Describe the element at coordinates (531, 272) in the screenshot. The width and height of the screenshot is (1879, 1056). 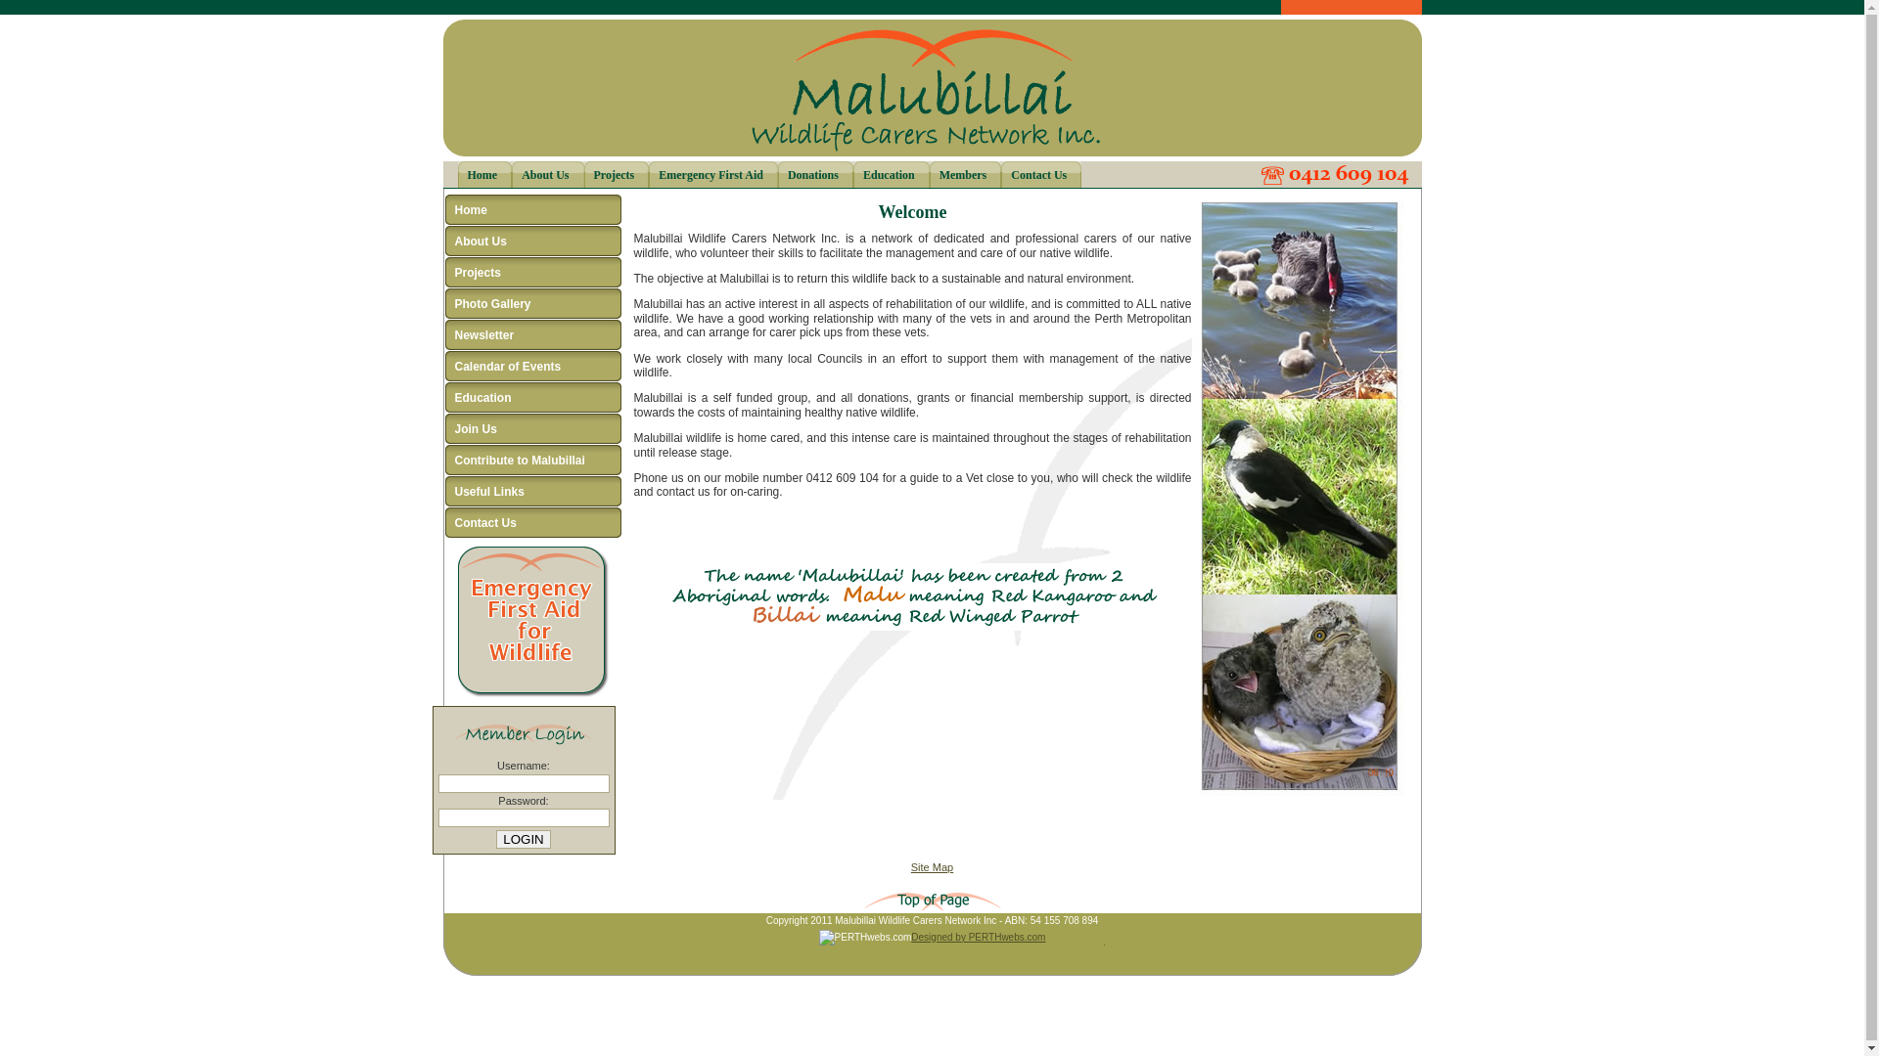
I see `'Projects'` at that location.